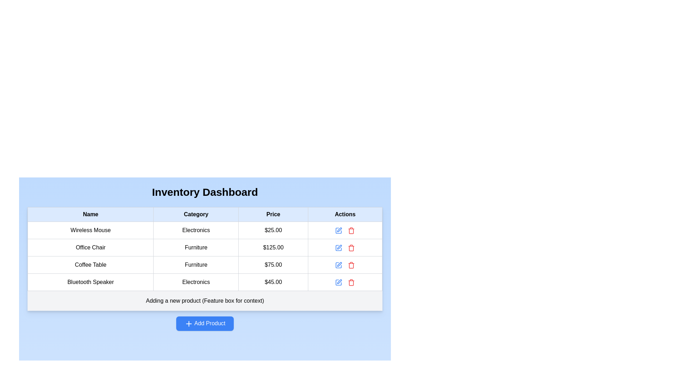 The width and height of the screenshot is (678, 381). Describe the element at coordinates (351, 266) in the screenshot. I see `the trash bin icon located in the fourth row of the table's 'Actions' column` at that location.